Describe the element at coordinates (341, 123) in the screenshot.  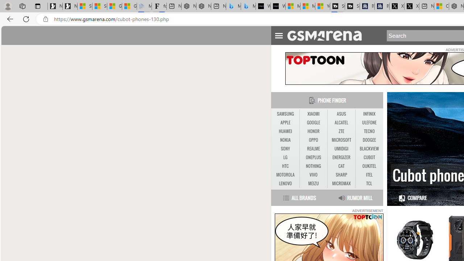
I see `'ALCATEL'` at that location.